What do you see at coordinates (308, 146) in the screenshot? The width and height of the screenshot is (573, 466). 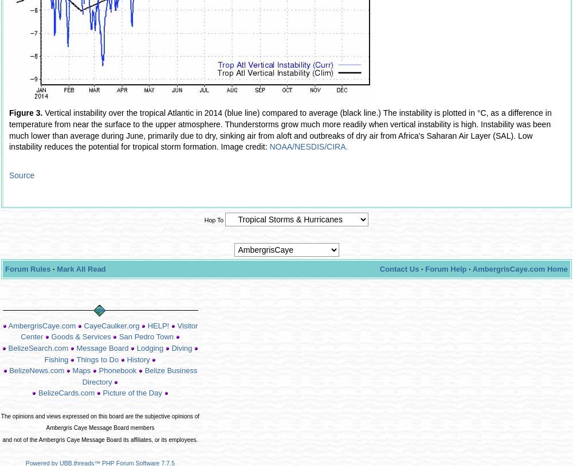 I see `'NOAA/NESDIS/CIRA.'` at bounding box center [308, 146].